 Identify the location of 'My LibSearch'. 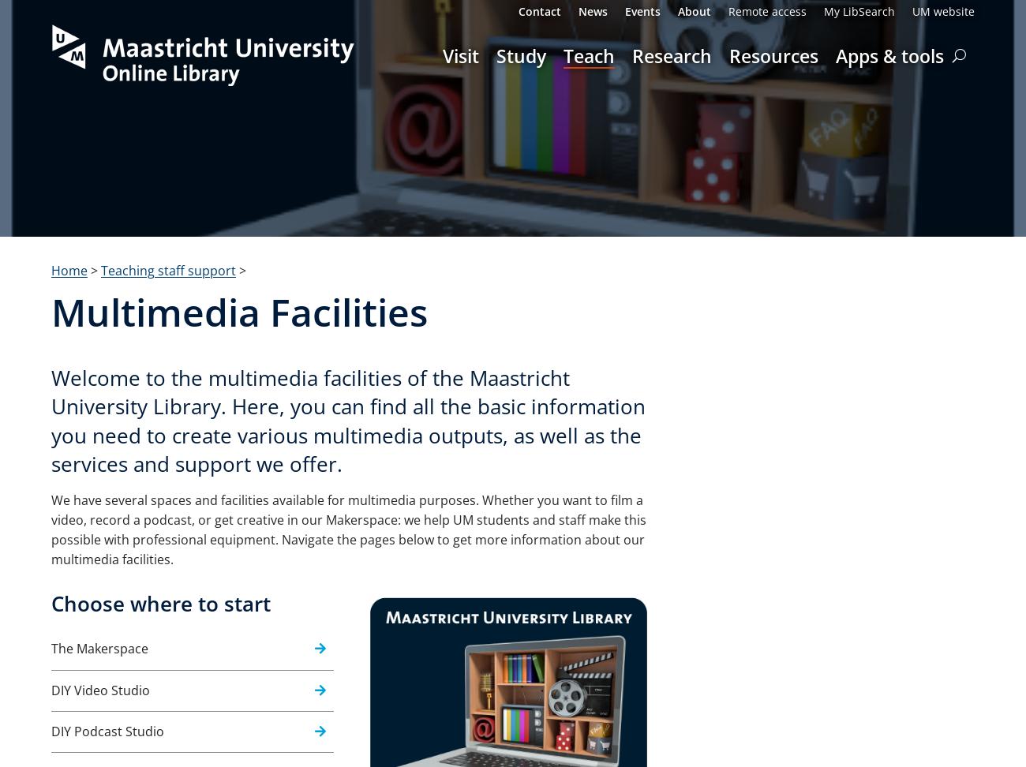
(859, 11).